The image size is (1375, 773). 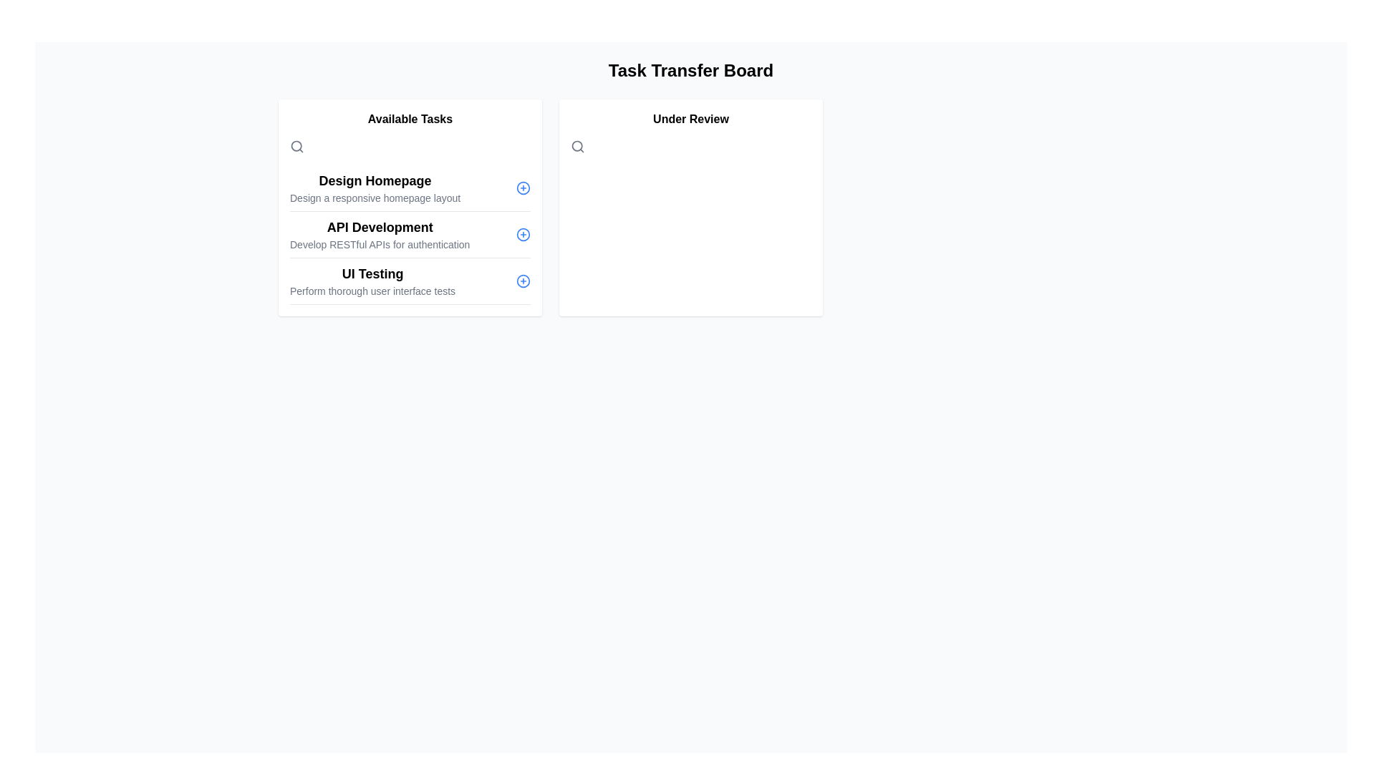 What do you see at coordinates (380, 244) in the screenshot?
I see `the text label that provides additional information about the task titled 'API Development', located in the 'Available Tasks' section, directly below the header 'API Development'` at bounding box center [380, 244].